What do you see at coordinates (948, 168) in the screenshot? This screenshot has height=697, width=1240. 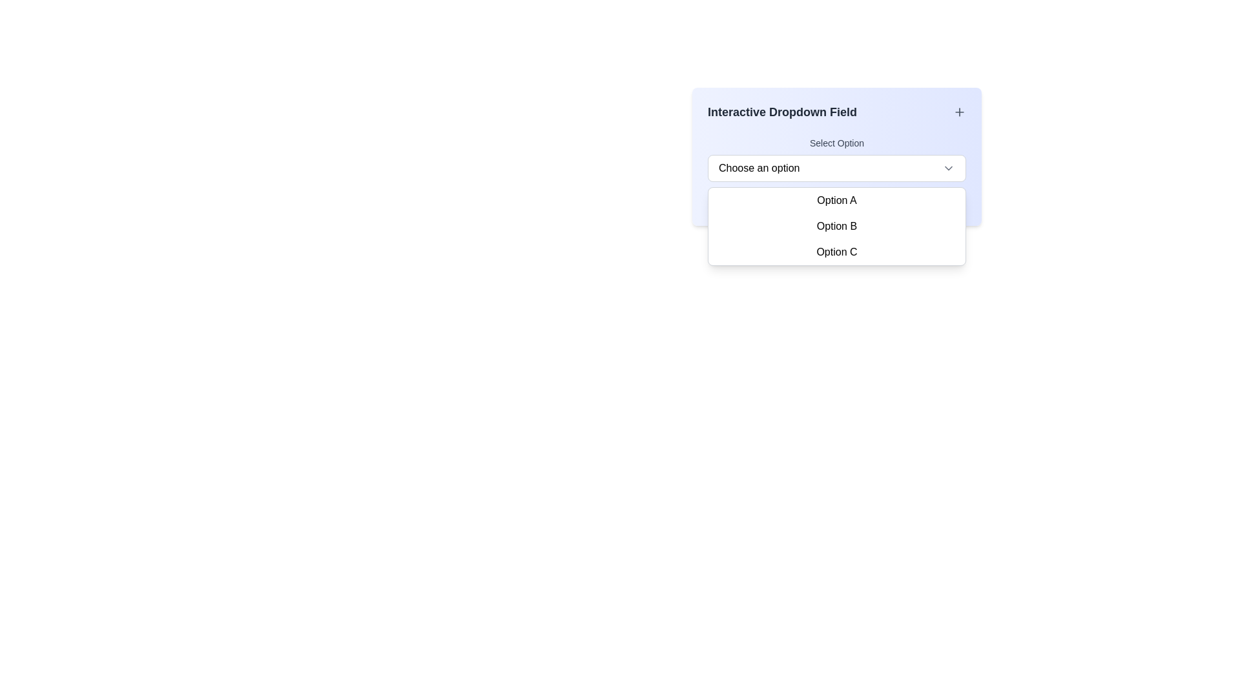 I see `the chevron-down icon within the dropdown menu labeled 'Choose an option', which is gray and right-aligned` at bounding box center [948, 168].